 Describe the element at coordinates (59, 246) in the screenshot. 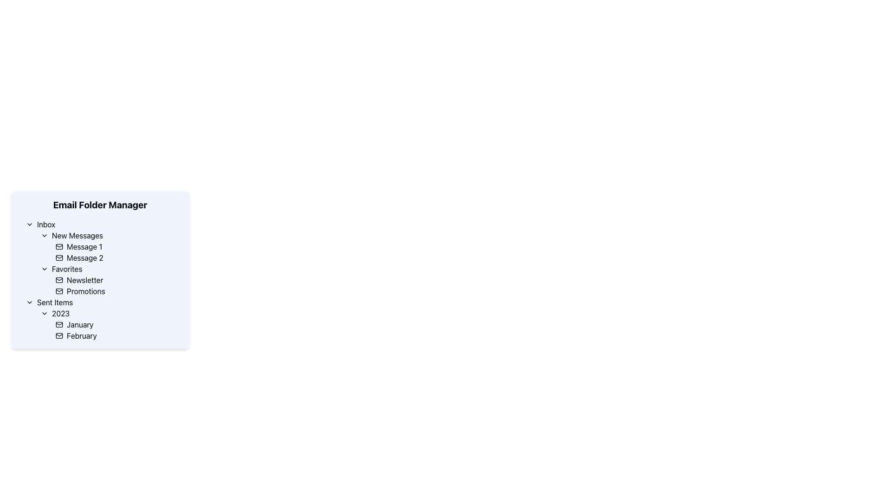

I see `the email message icon located on the left side of the 'Message 1' text, which is part of the row labeled 'Message 1' under the 'New Messages' folder in the 'Inbox' section` at that location.